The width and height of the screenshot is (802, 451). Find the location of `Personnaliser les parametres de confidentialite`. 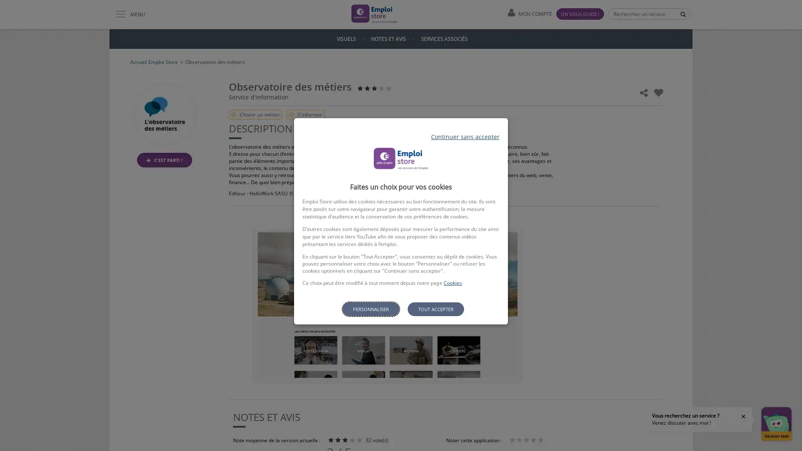

Personnaliser les parametres de confidentialite is located at coordinates (370, 309).